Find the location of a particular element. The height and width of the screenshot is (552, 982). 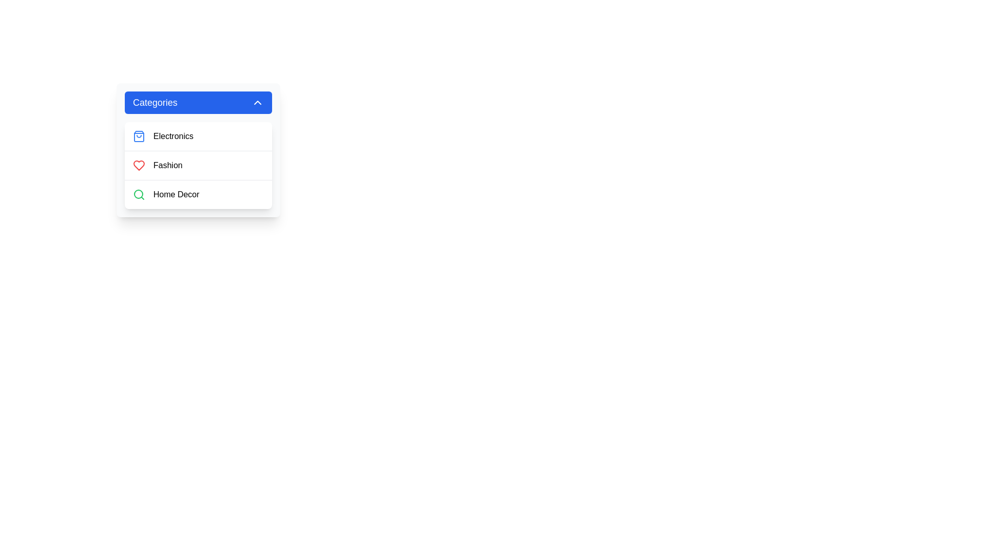

the chevron icon located at the rightmost portion of the blue button labeled 'Categories' is located at coordinates (258, 102).